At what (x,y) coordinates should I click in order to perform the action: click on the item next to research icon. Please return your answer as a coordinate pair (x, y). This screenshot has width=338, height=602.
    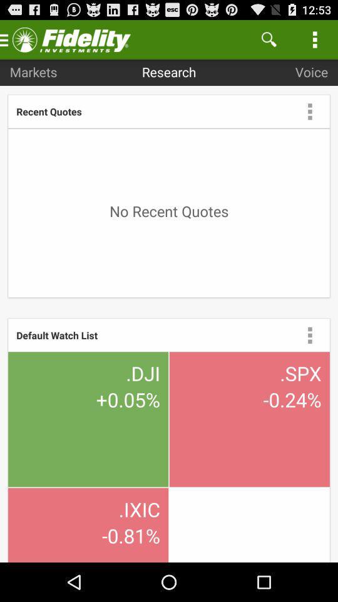
    Looking at the image, I should click on (33, 71).